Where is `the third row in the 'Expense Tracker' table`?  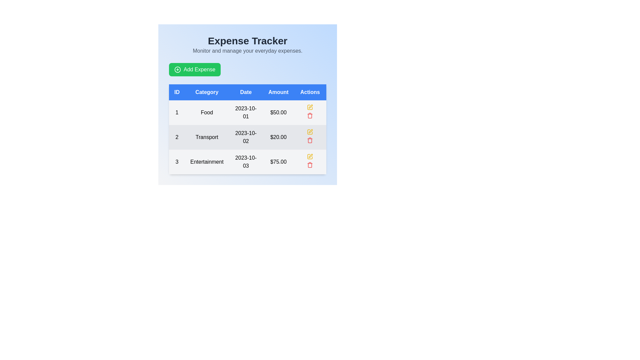
the third row in the 'Expense Tracker' table is located at coordinates (247, 162).